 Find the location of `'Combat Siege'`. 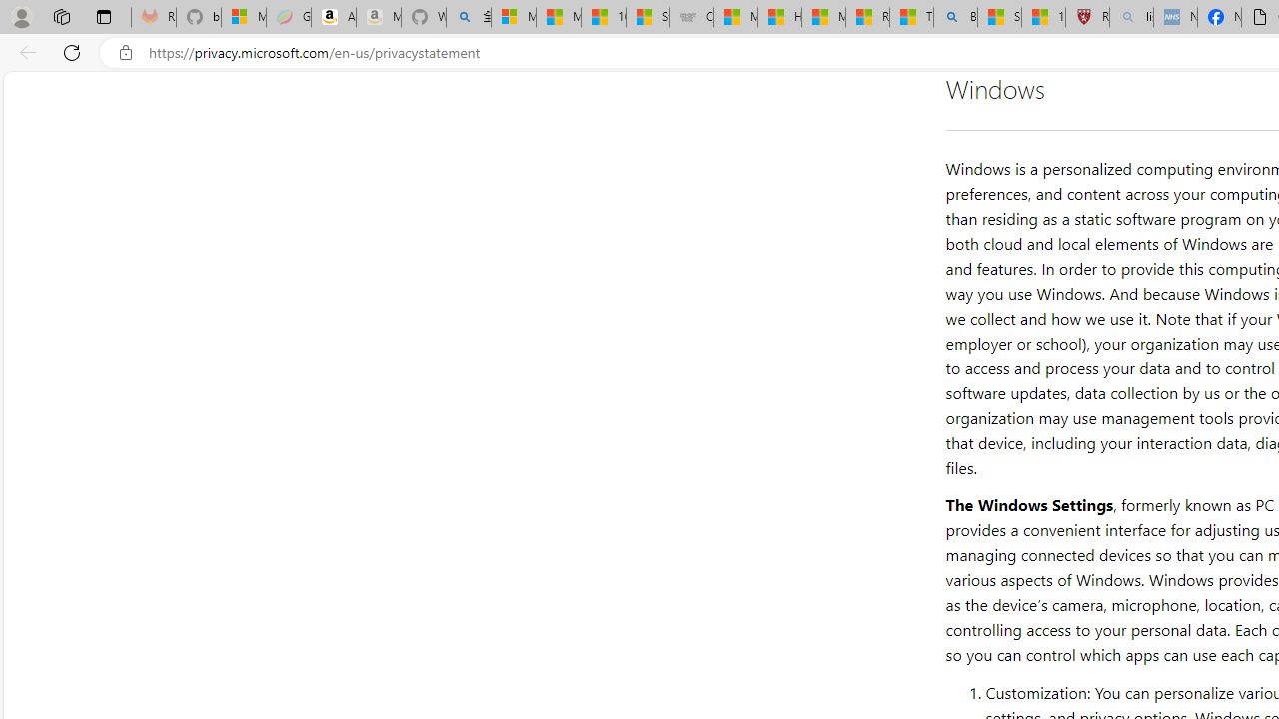

'Combat Siege' is located at coordinates (691, 17).